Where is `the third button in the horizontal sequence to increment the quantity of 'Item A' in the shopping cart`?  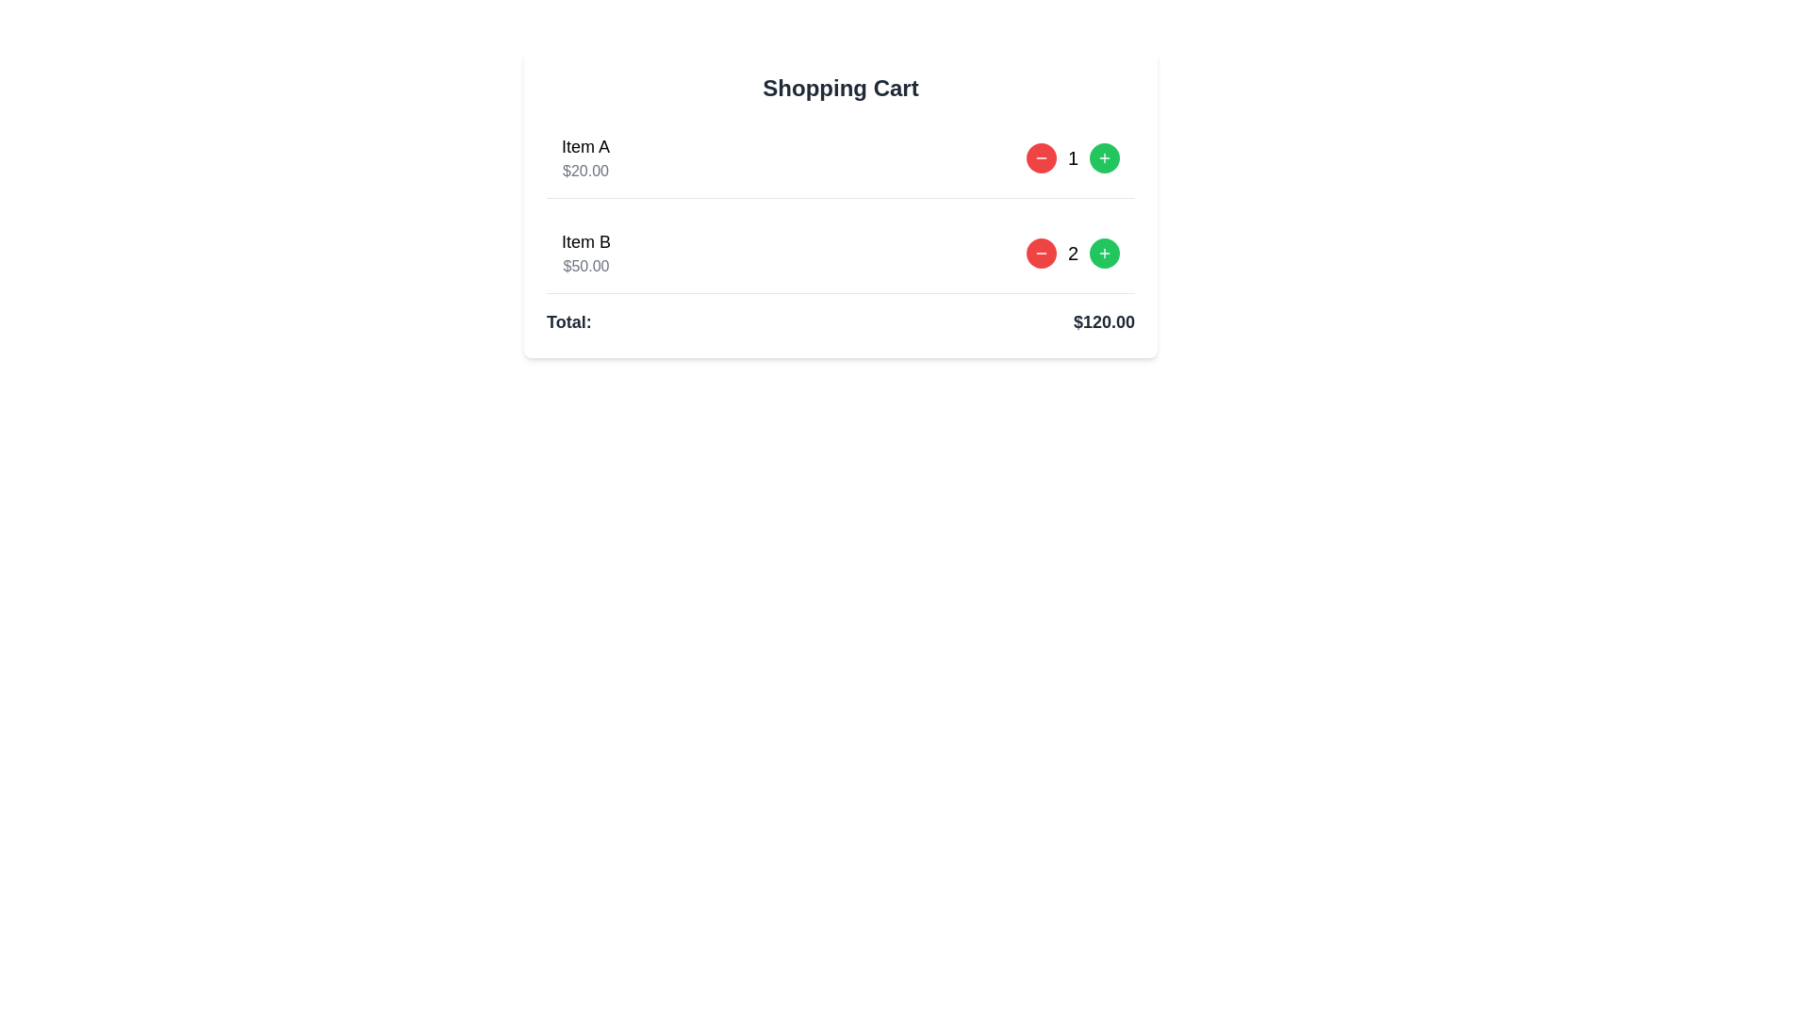 the third button in the horizontal sequence to increment the quantity of 'Item A' in the shopping cart is located at coordinates (1104, 157).